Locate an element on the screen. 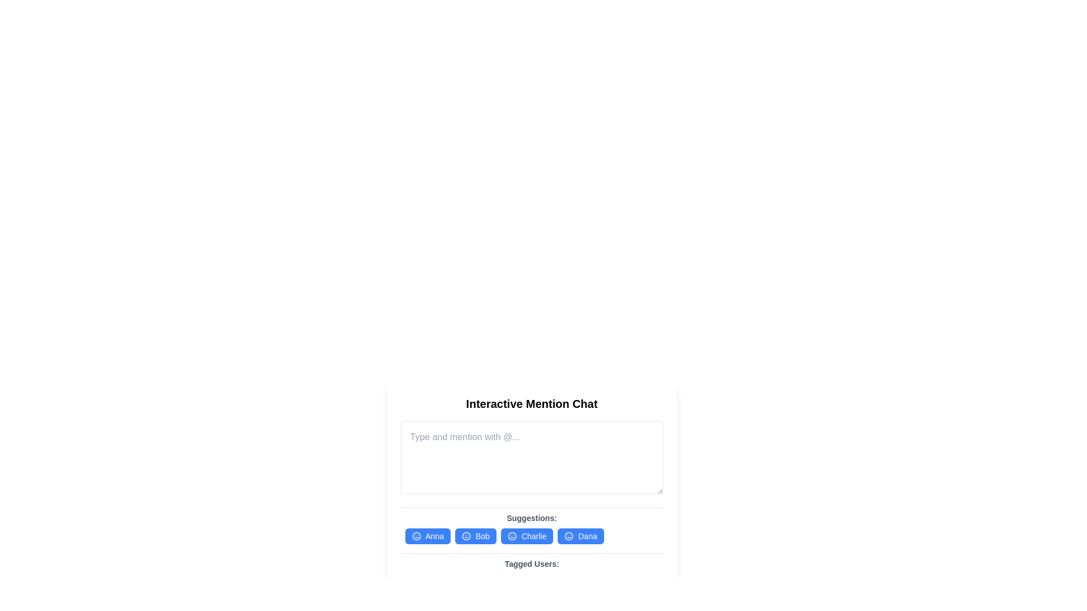 This screenshot has height=611, width=1087. the blue button labeled 'Anna' with a smiley face icon on its left side, located under the 'Suggestions' text input box is located at coordinates (427, 536).